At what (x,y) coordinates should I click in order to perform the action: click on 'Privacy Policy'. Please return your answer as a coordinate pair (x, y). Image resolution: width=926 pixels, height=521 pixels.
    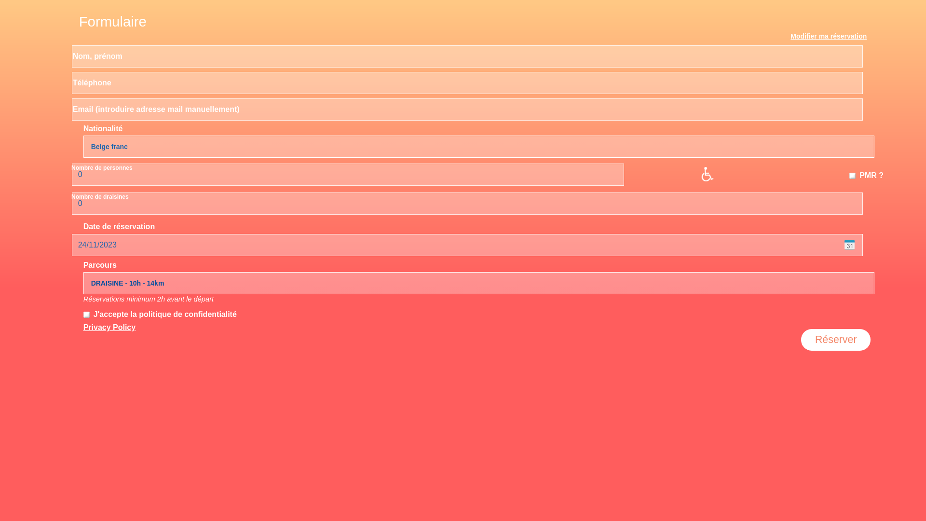
    Looking at the image, I should click on (109, 327).